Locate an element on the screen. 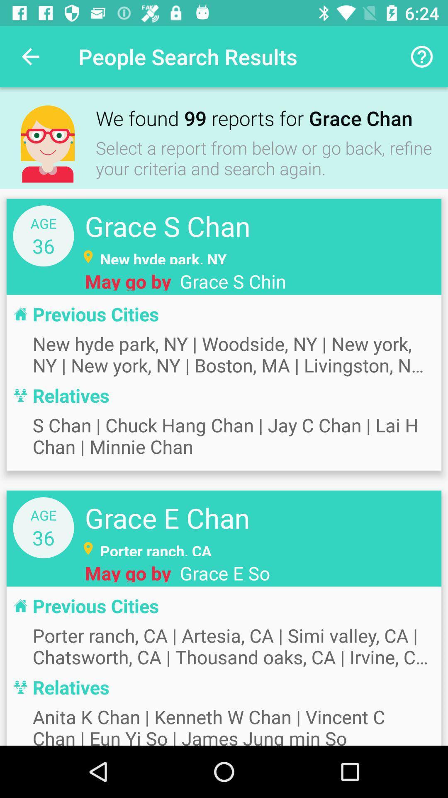  the item at the top right corner is located at coordinates (422, 56).